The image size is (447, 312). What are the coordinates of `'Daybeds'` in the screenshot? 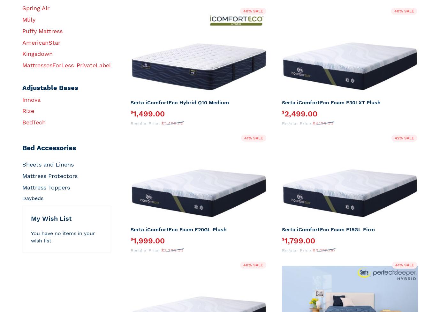 It's located at (33, 198).